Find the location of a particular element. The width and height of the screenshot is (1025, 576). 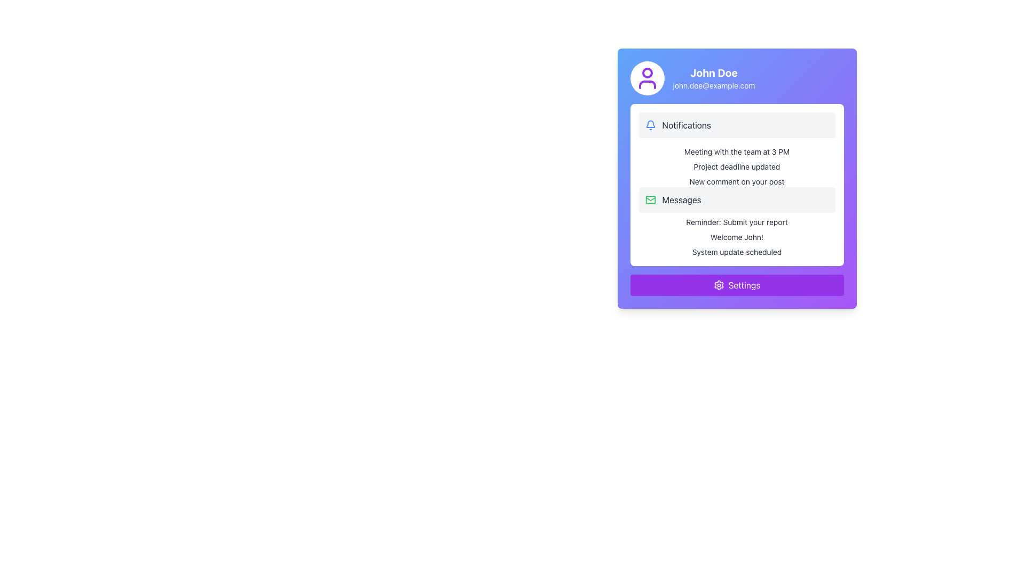

the text block displaying recent notifications located in the 'Notifications' section, positioned above the 'Messages' section and below the 'Notifications' header is located at coordinates (736, 166).